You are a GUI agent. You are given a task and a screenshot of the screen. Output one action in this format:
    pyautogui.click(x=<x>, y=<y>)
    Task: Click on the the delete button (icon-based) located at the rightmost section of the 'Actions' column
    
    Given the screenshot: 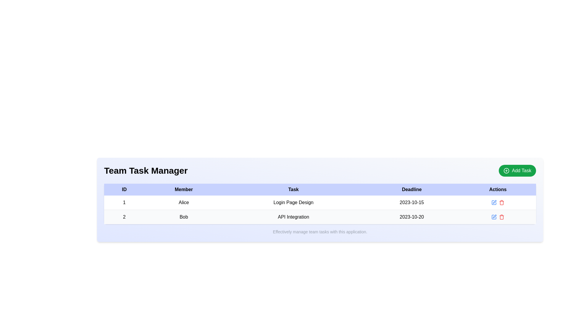 What is the action you would take?
    pyautogui.click(x=501, y=202)
    